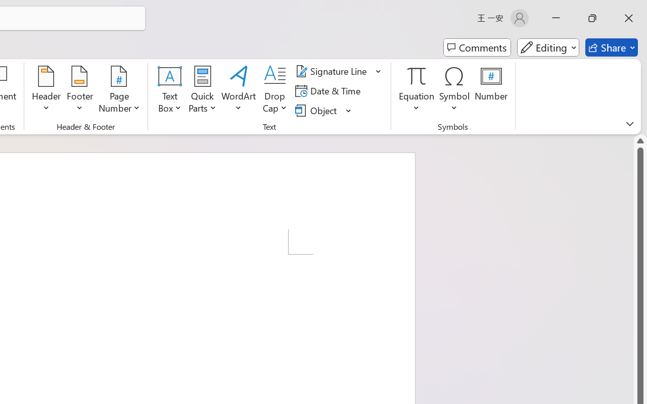 The image size is (647, 404). Describe the element at coordinates (339, 71) in the screenshot. I see `'Signature Line'` at that location.